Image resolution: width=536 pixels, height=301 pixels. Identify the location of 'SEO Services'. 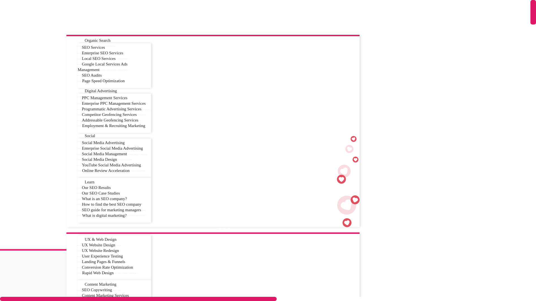
(93, 47).